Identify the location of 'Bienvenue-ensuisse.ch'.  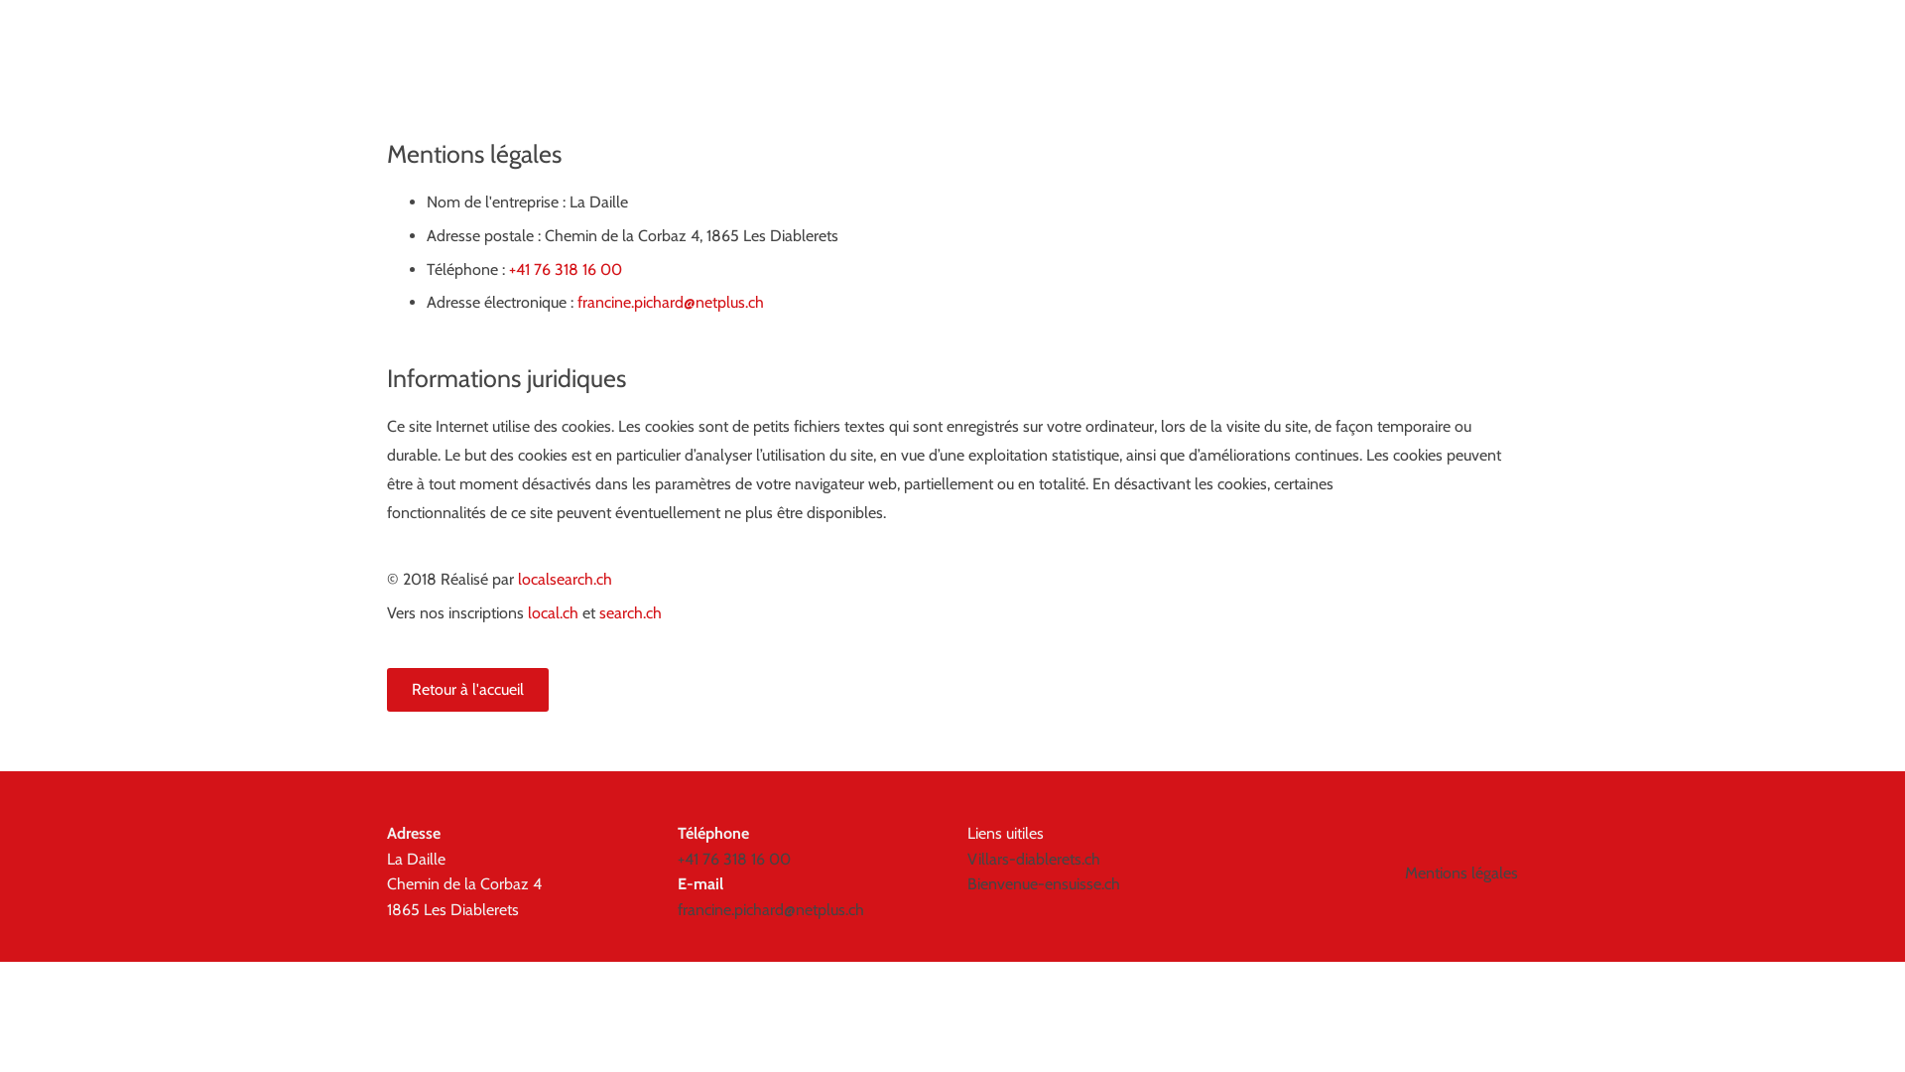
(1042, 882).